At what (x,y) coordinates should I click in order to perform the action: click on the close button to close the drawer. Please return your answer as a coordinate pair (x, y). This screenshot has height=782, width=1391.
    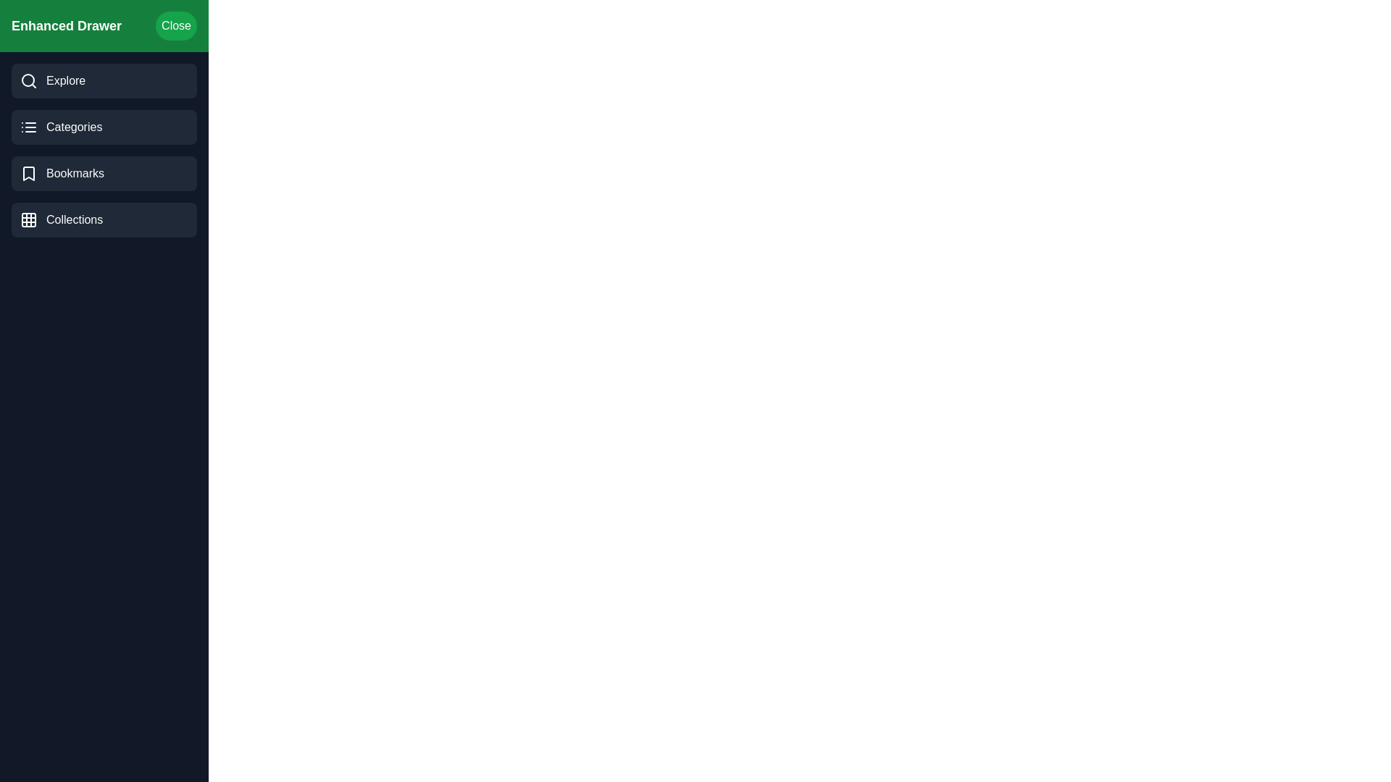
    Looking at the image, I should click on (175, 25).